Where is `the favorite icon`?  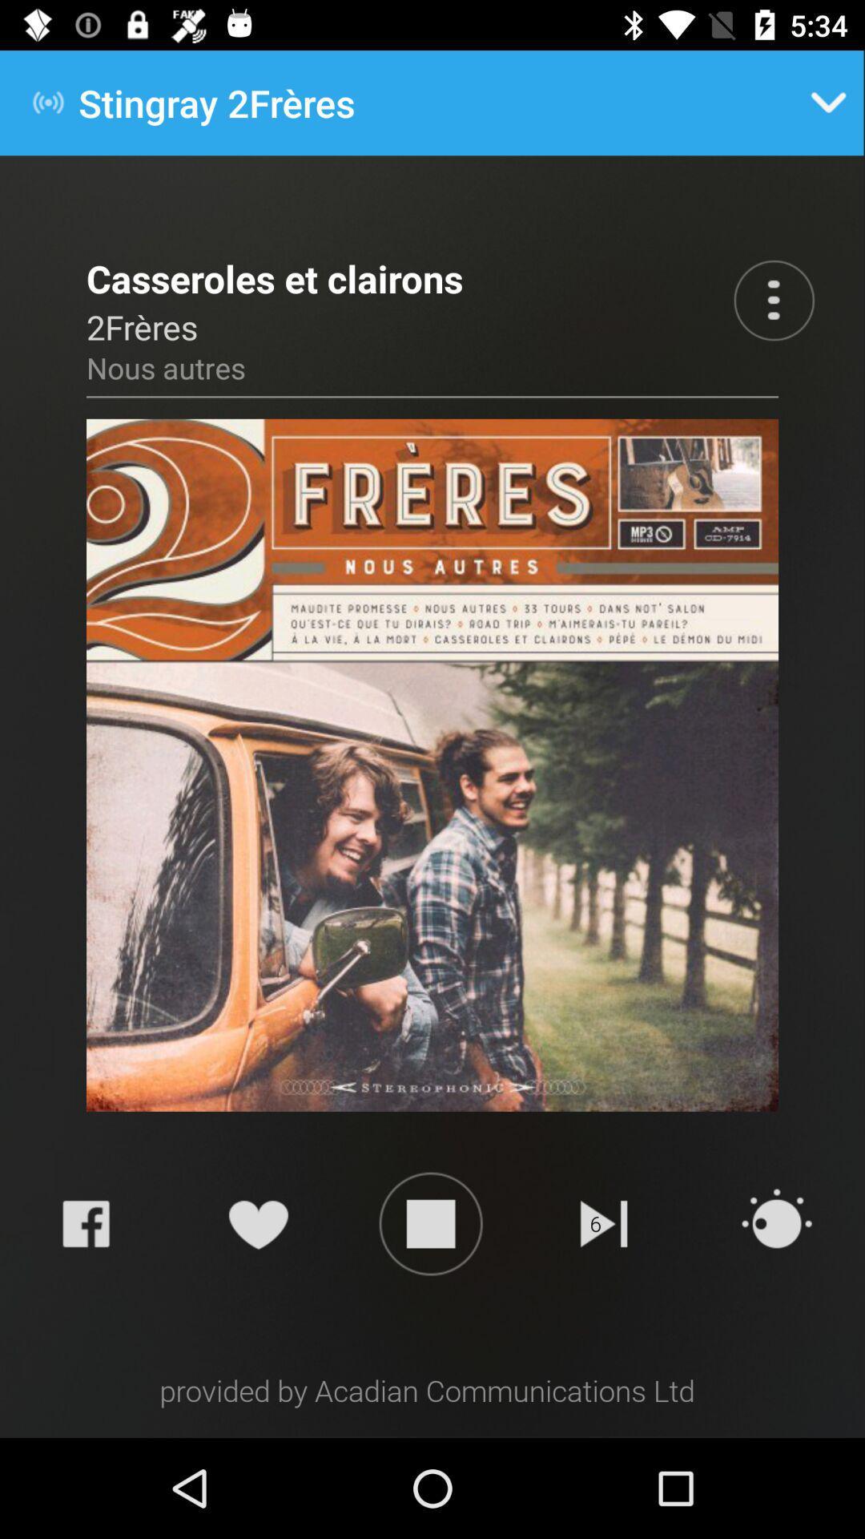
the favorite icon is located at coordinates (257, 1222).